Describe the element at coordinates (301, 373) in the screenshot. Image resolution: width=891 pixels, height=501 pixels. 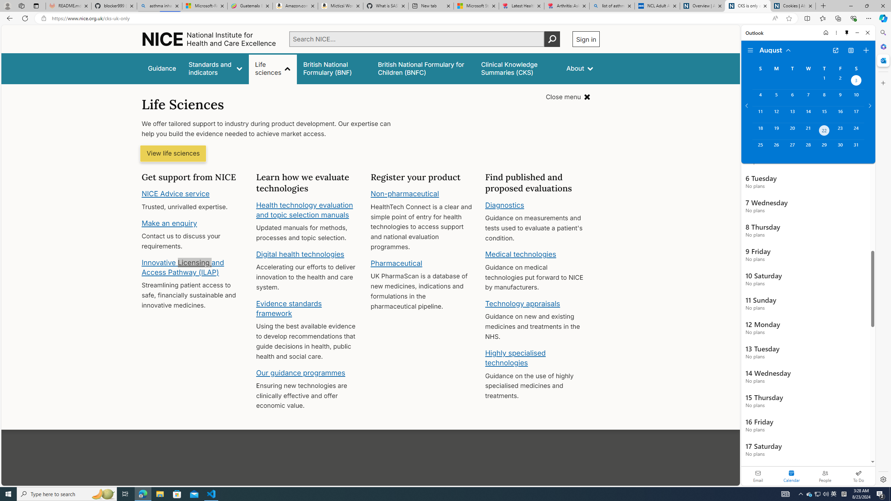
I see `'Our guidance programmes'` at that location.